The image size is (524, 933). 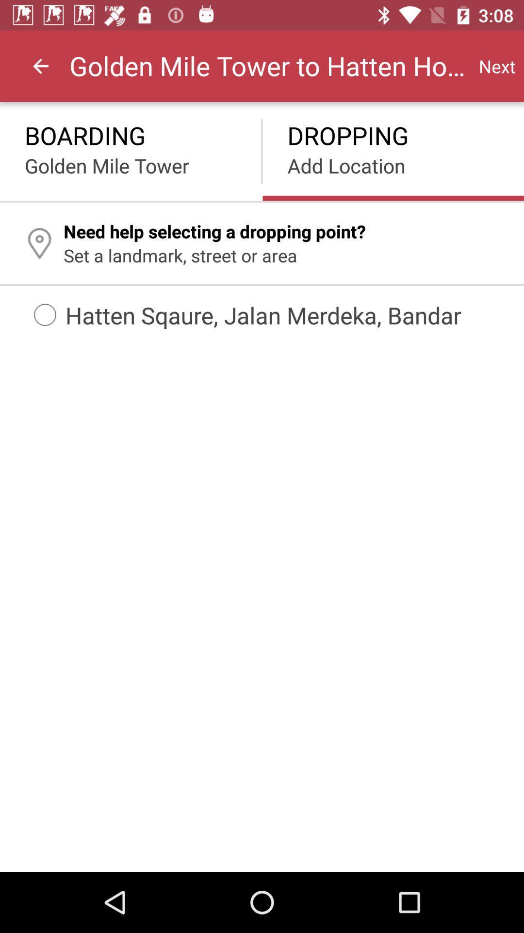 What do you see at coordinates (40, 66) in the screenshot?
I see `go back` at bounding box center [40, 66].